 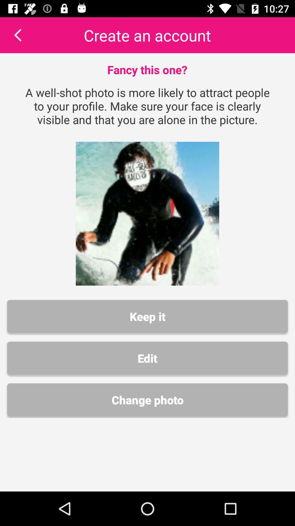 I want to click on the change photo icon, so click(x=147, y=400).